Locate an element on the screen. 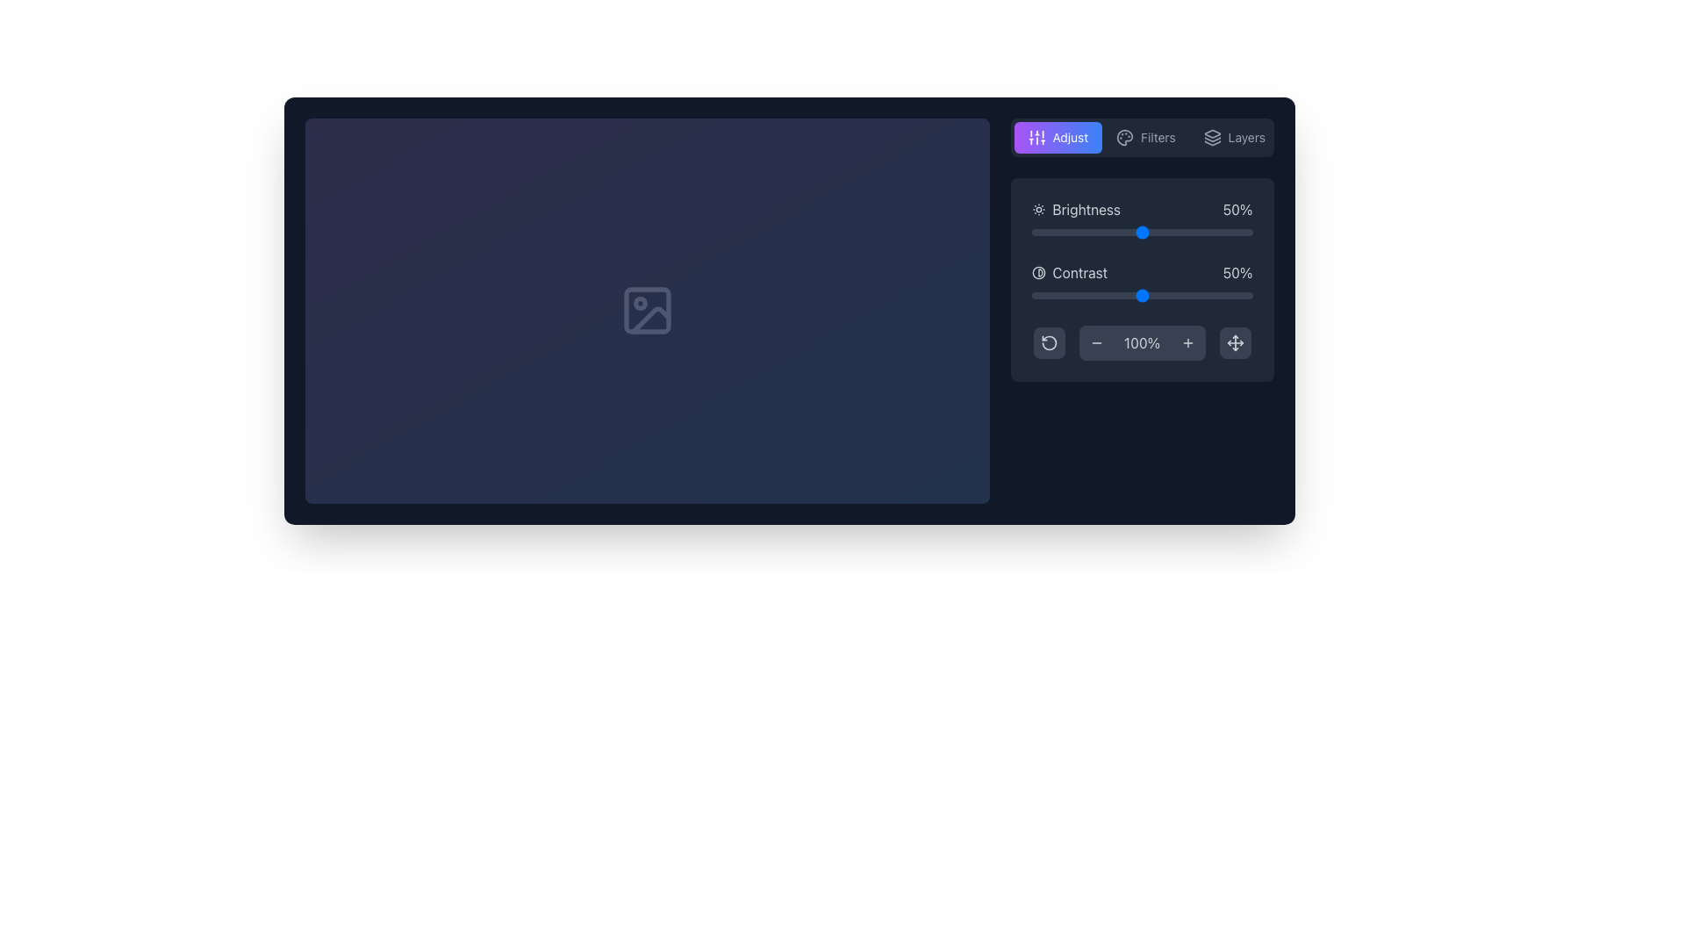 This screenshot has height=948, width=1685. the slider value is located at coordinates (1199, 232).